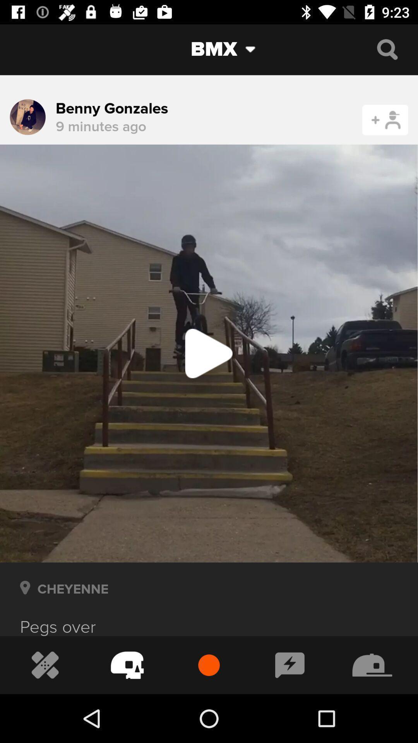  Describe the element at coordinates (257, 49) in the screenshot. I see `the drop down icon just beside bmx` at that location.